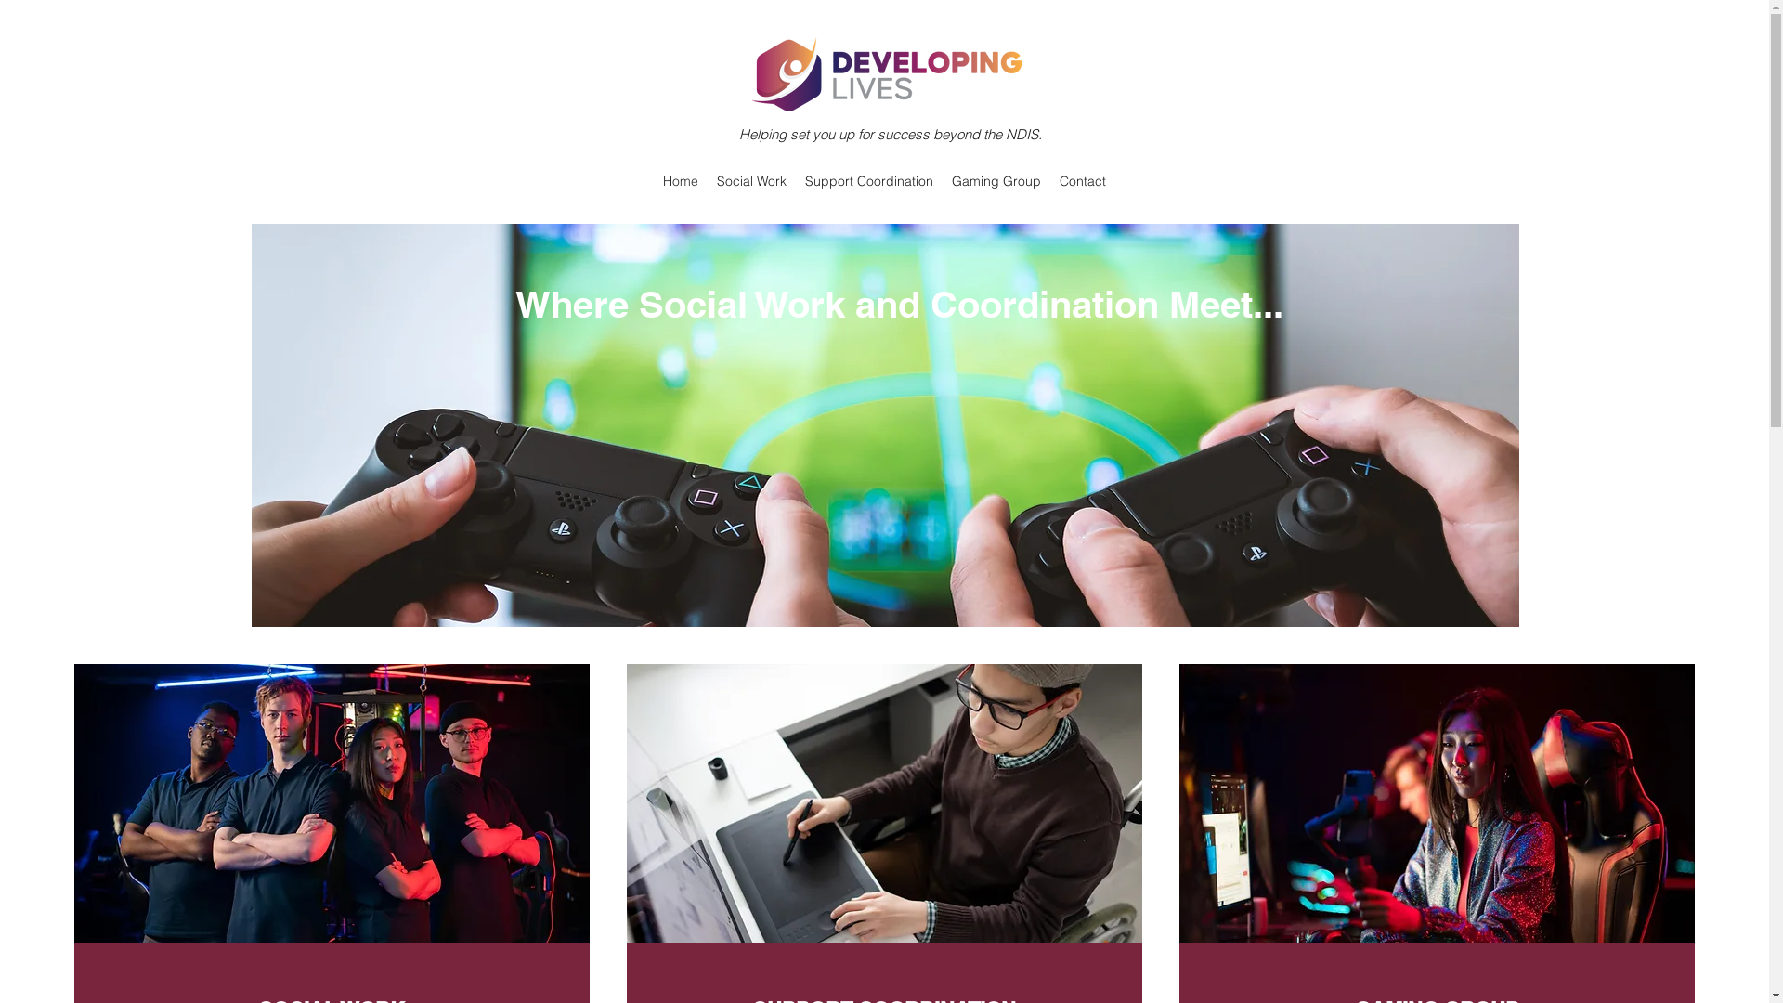 The width and height of the screenshot is (1783, 1003). What do you see at coordinates (1083, 181) in the screenshot?
I see `'Contact'` at bounding box center [1083, 181].